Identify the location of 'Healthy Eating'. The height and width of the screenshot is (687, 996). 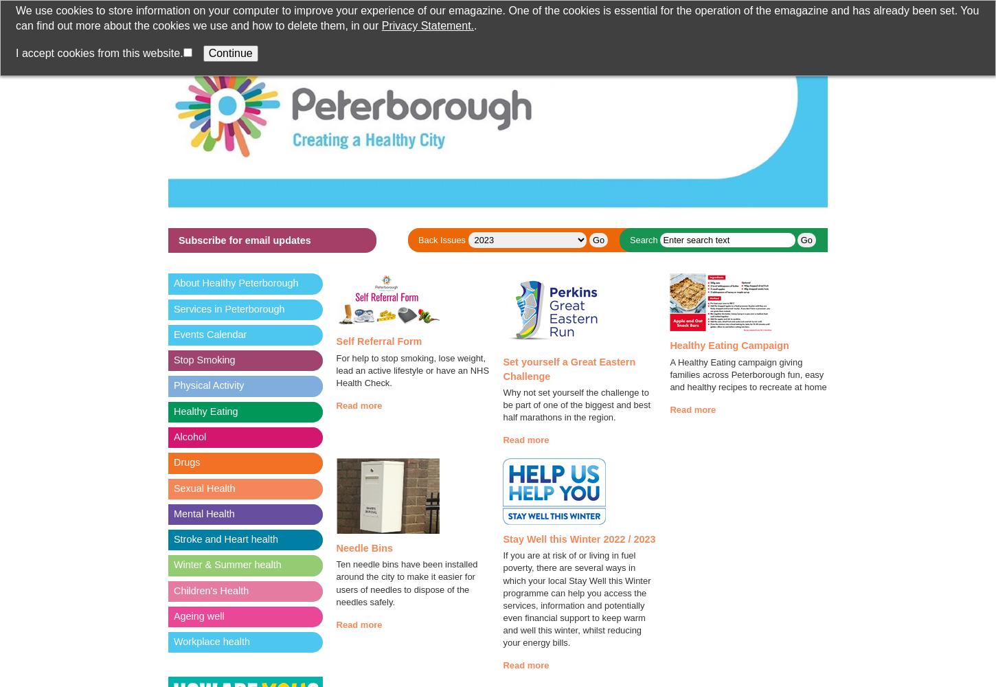
(174, 410).